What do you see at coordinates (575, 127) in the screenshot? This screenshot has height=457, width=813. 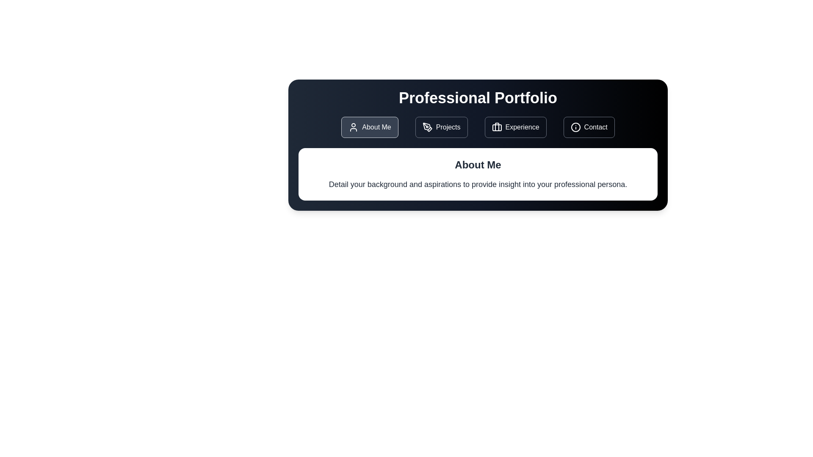 I see `the circular outline within the 'Contact' button located at the top-right section of the interface` at bounding box center [575, 127].